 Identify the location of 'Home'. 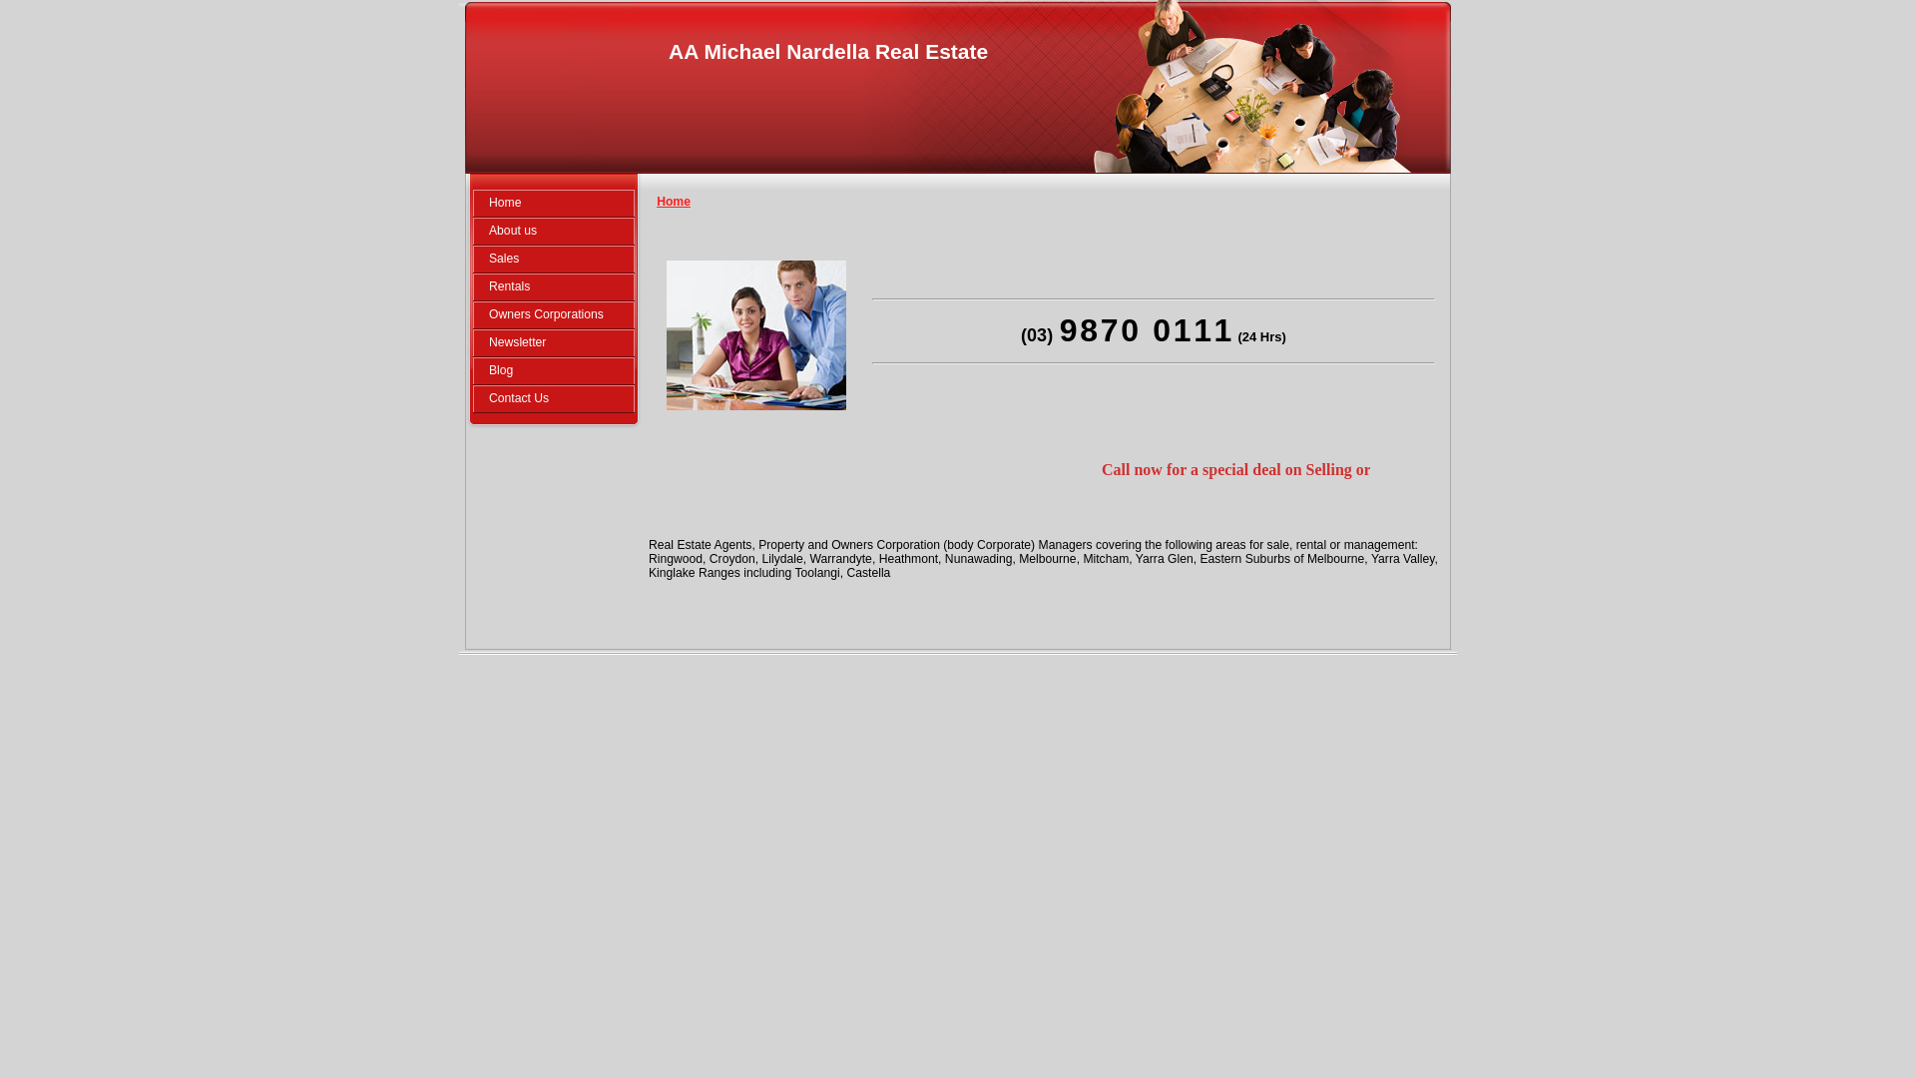
(472, 203).